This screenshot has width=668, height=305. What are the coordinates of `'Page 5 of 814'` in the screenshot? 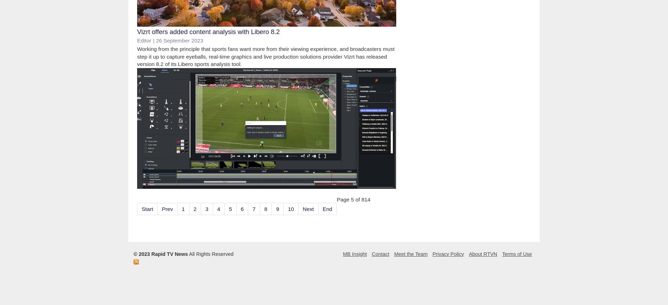 It's located at (353, 199).